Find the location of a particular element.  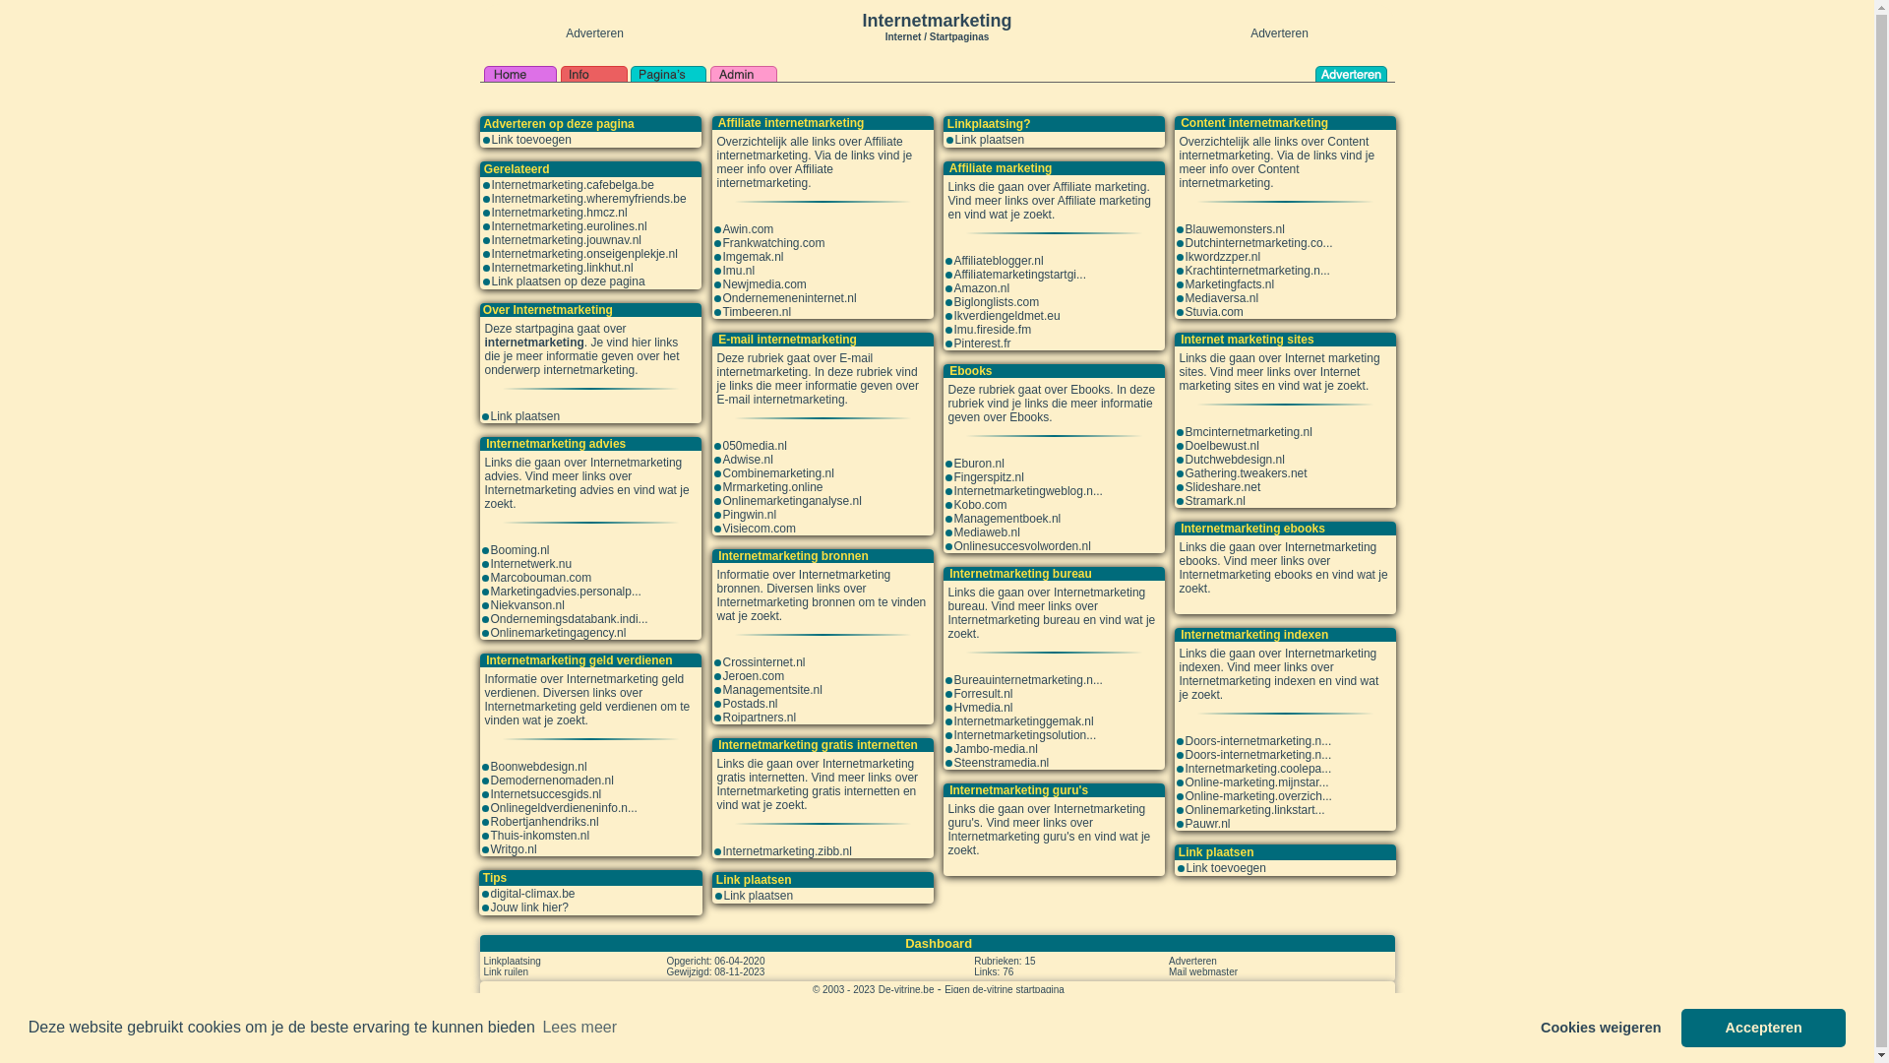

'Ikwordzzper.nl' is located at coordinates (1221, 256).